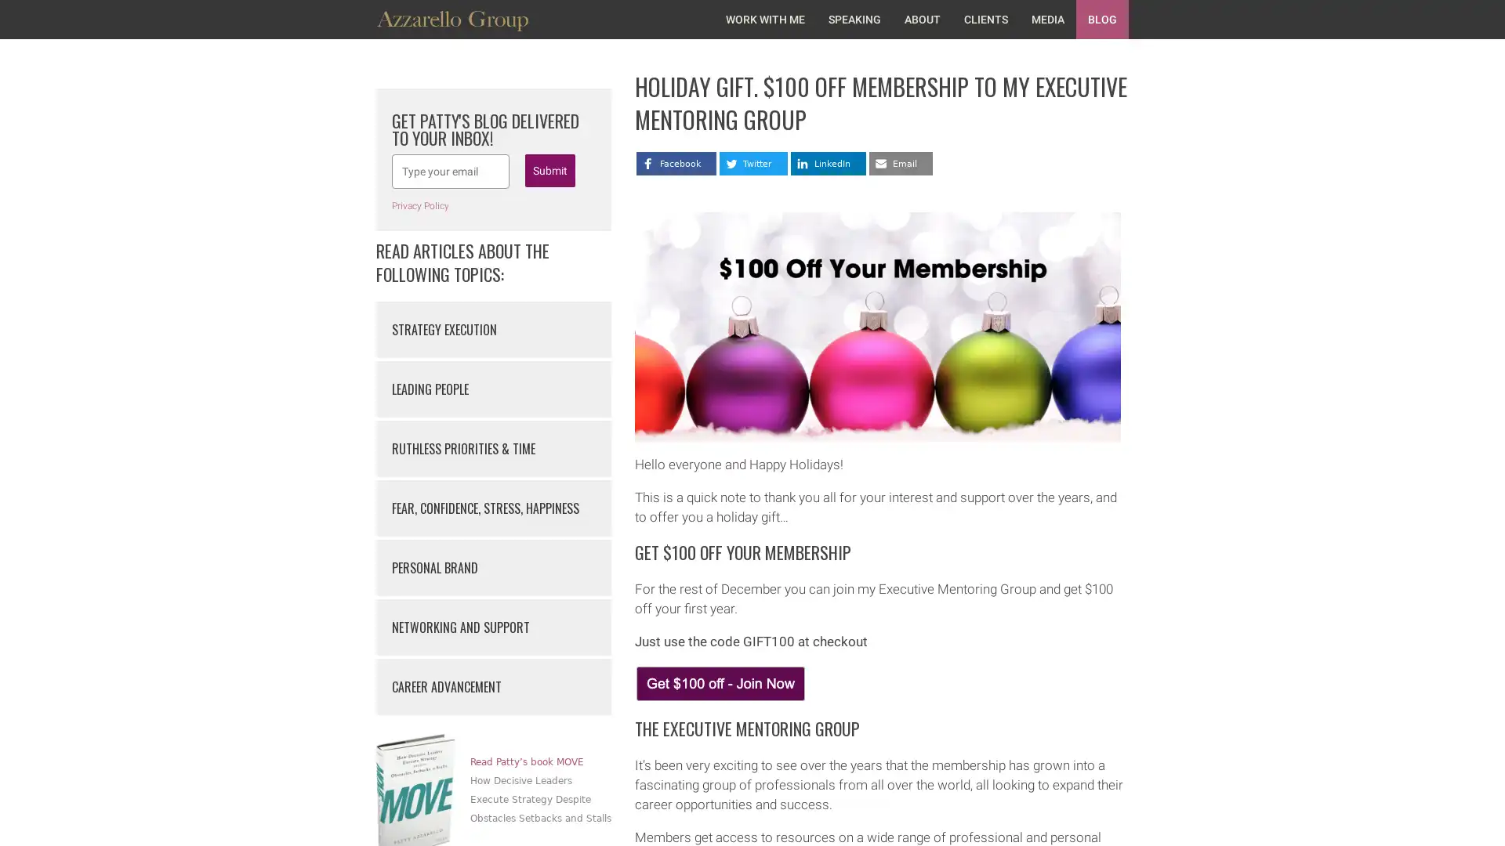 The width and height of the screenshot is (1505, 846). Describe the element at coordinates (827, 163) in the screenshot. I see `Share to LinkedIn LinkedIn` at that location.